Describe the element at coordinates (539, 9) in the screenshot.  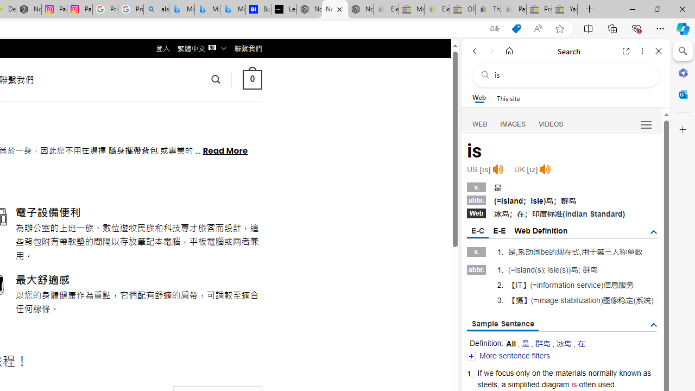
I see `'Press Room - eBay Inc. - Sleeping'` at that location.